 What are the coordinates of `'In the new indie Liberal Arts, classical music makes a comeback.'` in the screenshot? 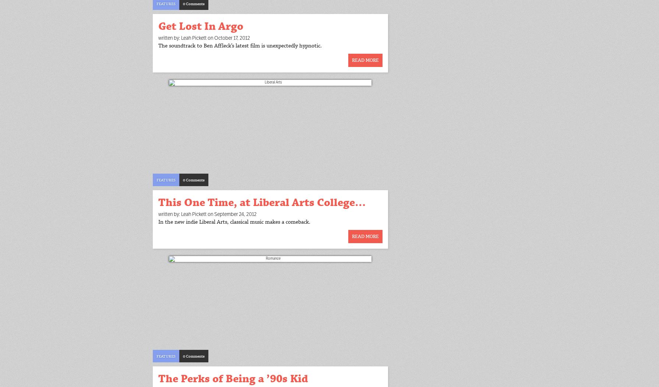 It's located at (158, 221).